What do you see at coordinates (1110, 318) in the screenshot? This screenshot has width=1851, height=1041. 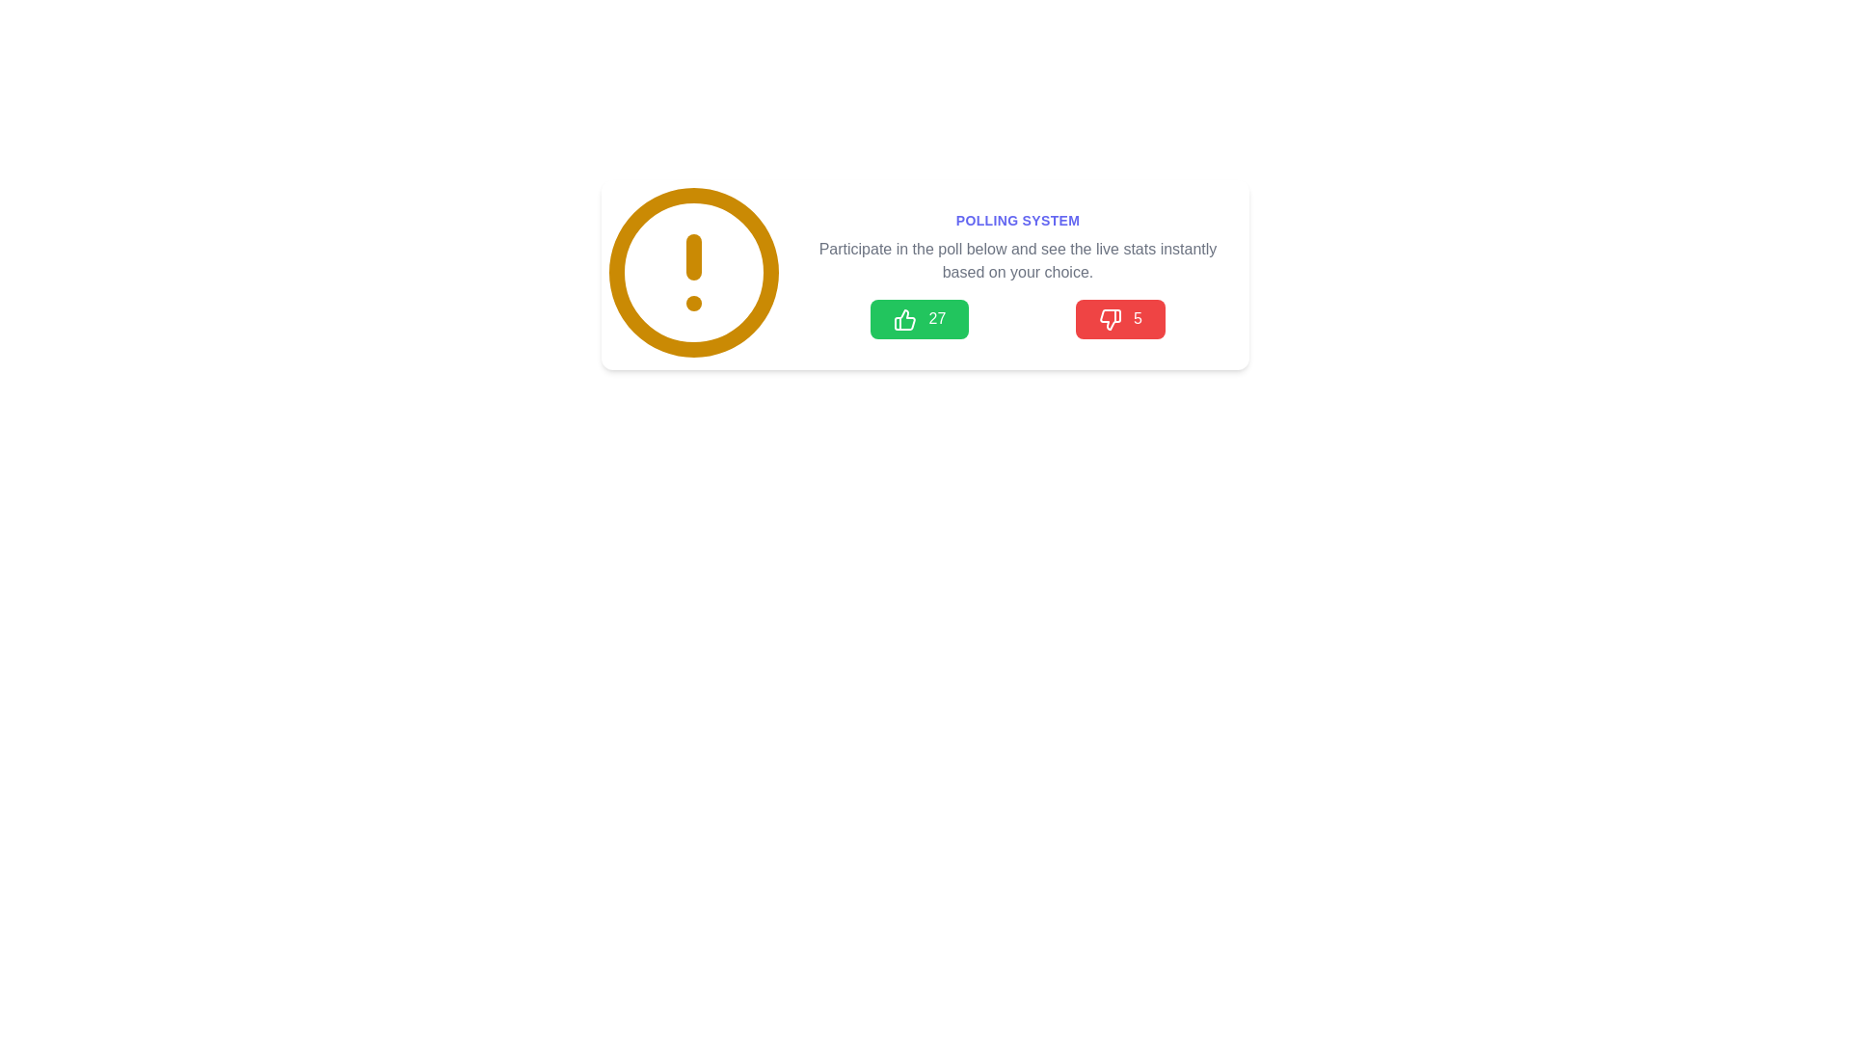 I see `the red thumbs-down icon representing a dislike action, which is located closely to the red button with the numeral '5' on the right side of the interactive panel` at bounding box center [1110, 318].